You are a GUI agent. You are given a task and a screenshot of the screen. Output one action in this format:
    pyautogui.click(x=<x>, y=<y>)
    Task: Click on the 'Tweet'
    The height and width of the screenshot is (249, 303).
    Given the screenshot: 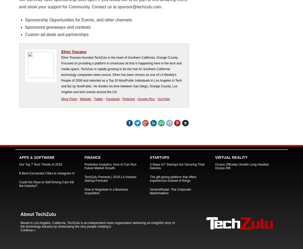 What is the action you would take?
    pyautogui.click(x=136, y=123)
    